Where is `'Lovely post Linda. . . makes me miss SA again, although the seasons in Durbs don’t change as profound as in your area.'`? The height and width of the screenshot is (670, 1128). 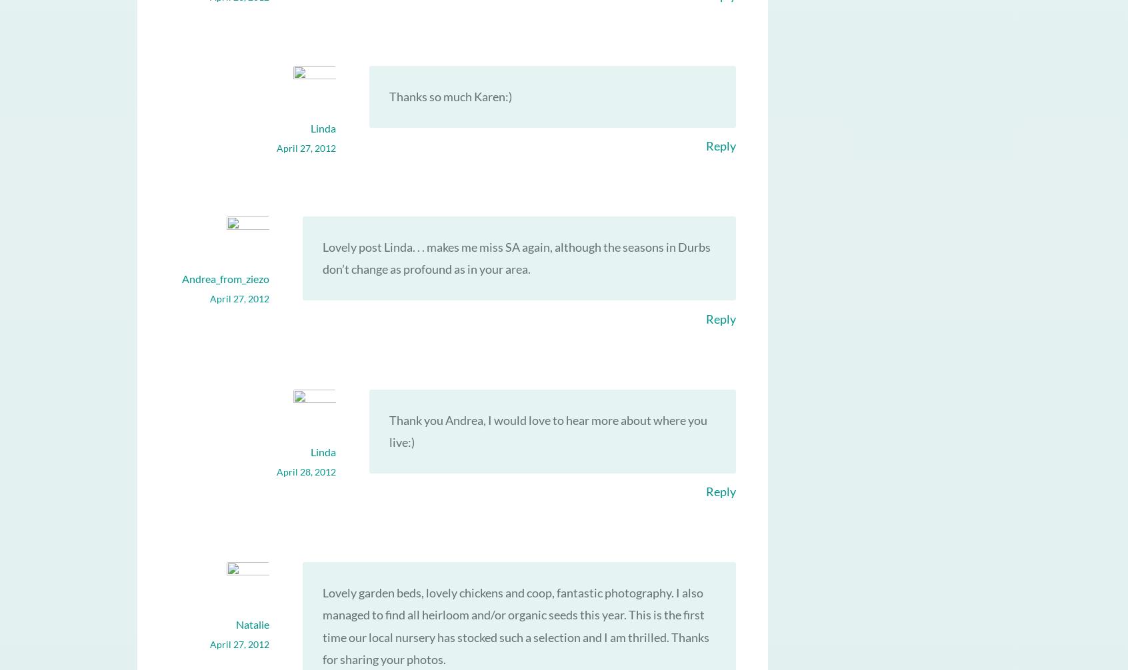
'Lovely post Linda. . . makes me miss SA again, although the seasons in Durbs don’t change as profound as in your area.' is located at coordinates (515, 257).